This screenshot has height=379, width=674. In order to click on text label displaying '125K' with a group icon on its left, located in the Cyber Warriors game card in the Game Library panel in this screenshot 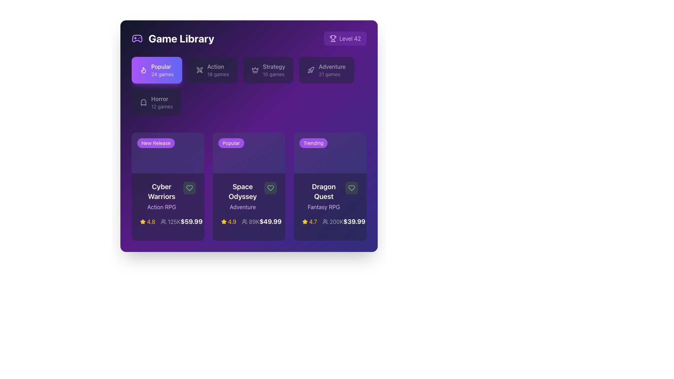, I will do `click(171, 222)`.